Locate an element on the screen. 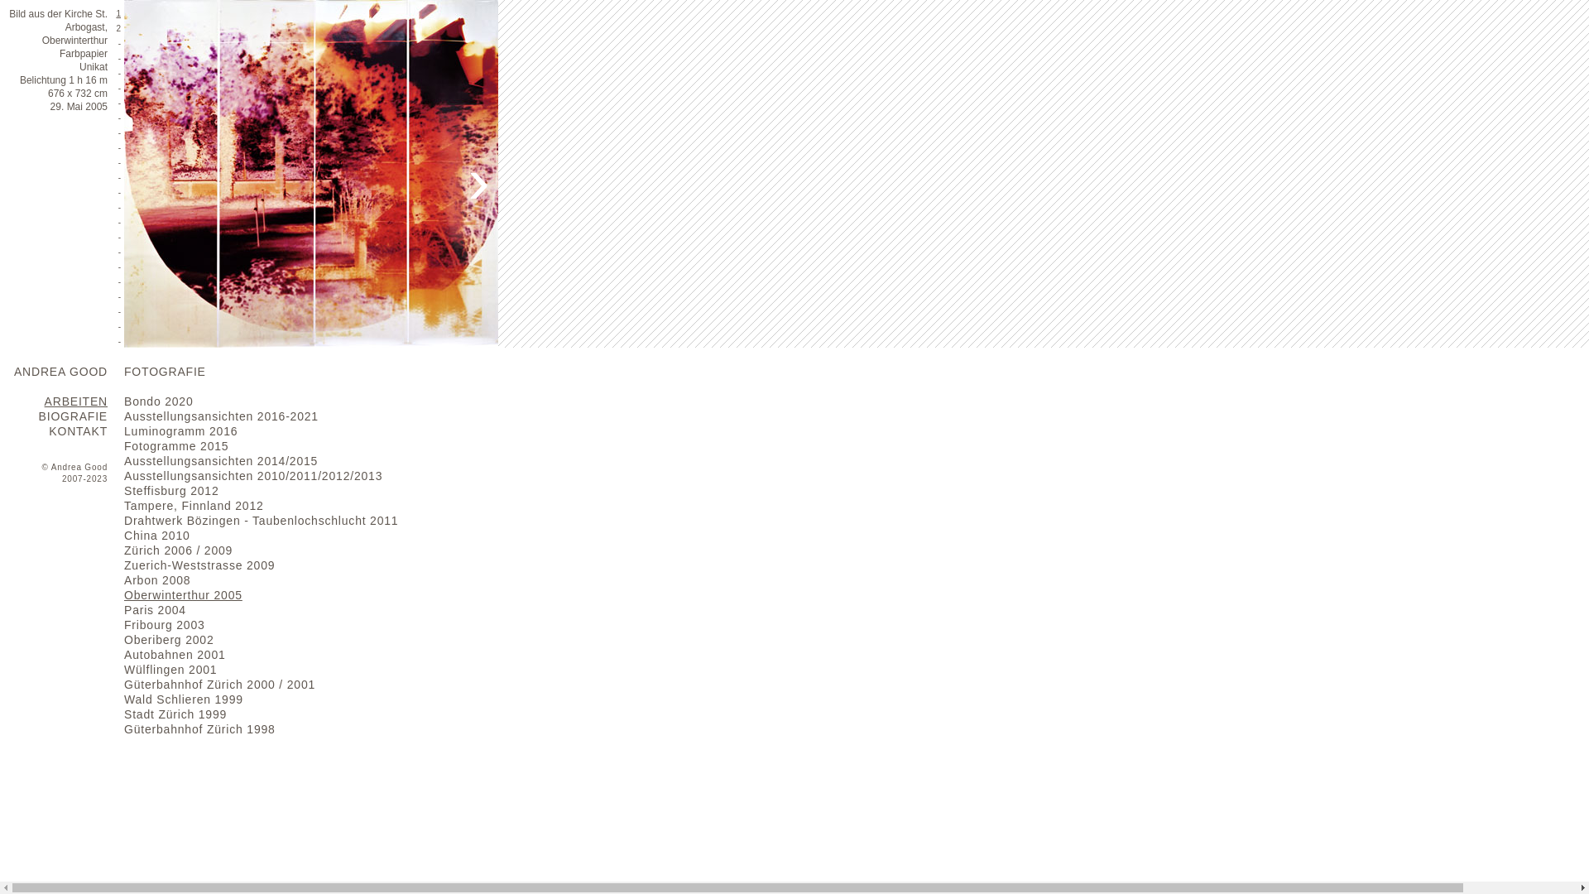 Image resolution: width=1589 pixels, height=894 pixels. 'ARBEITEN' is located at coordinates (44, 401).